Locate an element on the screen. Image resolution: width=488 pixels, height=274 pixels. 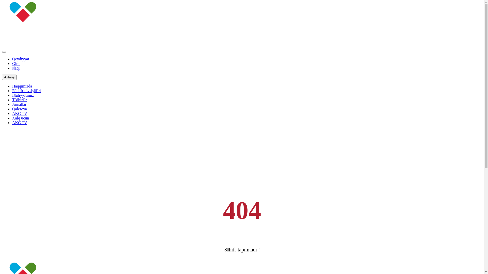
'Qeydiyyat' is located at coordinates (20, 59).